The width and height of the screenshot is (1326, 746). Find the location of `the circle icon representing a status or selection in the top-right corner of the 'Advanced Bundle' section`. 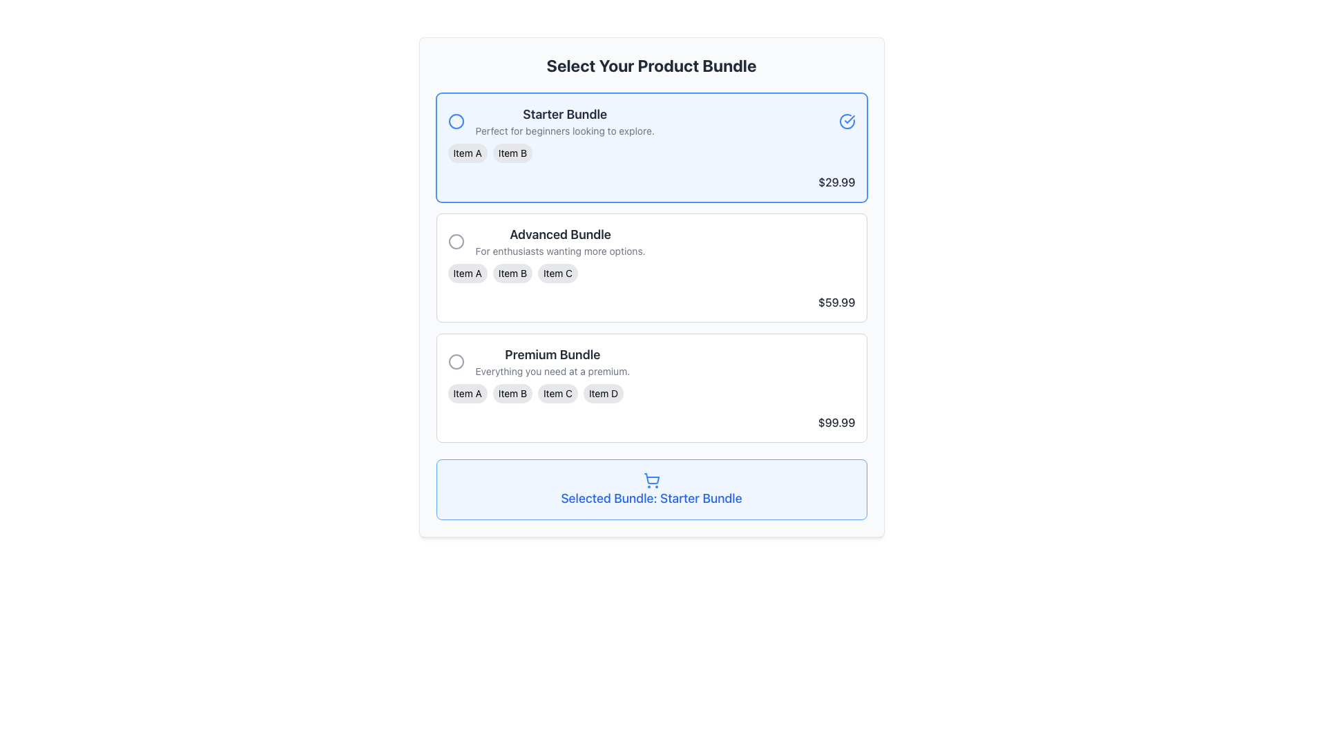

the circle icon representing a status or selection in the top-right corner of the 'Advanced Bundle' section is located at coordinates (456, 241).